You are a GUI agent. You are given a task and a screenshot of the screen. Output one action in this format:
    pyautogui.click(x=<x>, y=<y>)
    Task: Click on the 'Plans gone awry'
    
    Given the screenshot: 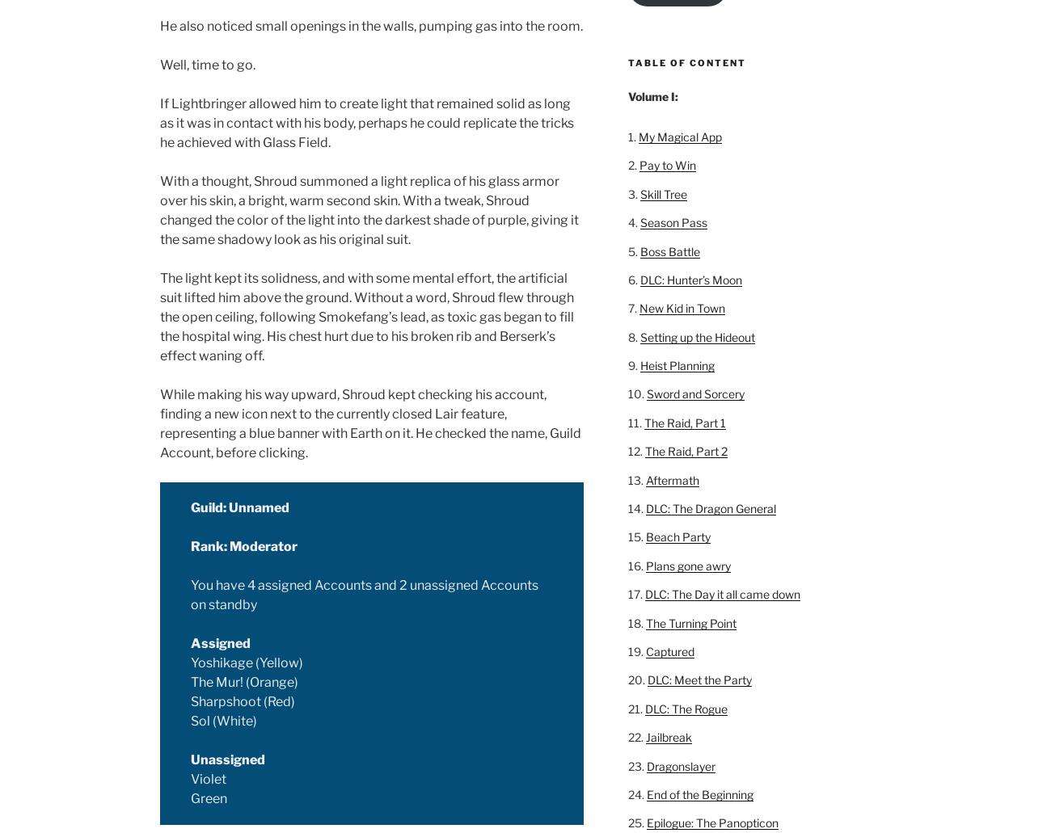 What is the action you would take?
    pyautogui.click(x=687, y=565)
    